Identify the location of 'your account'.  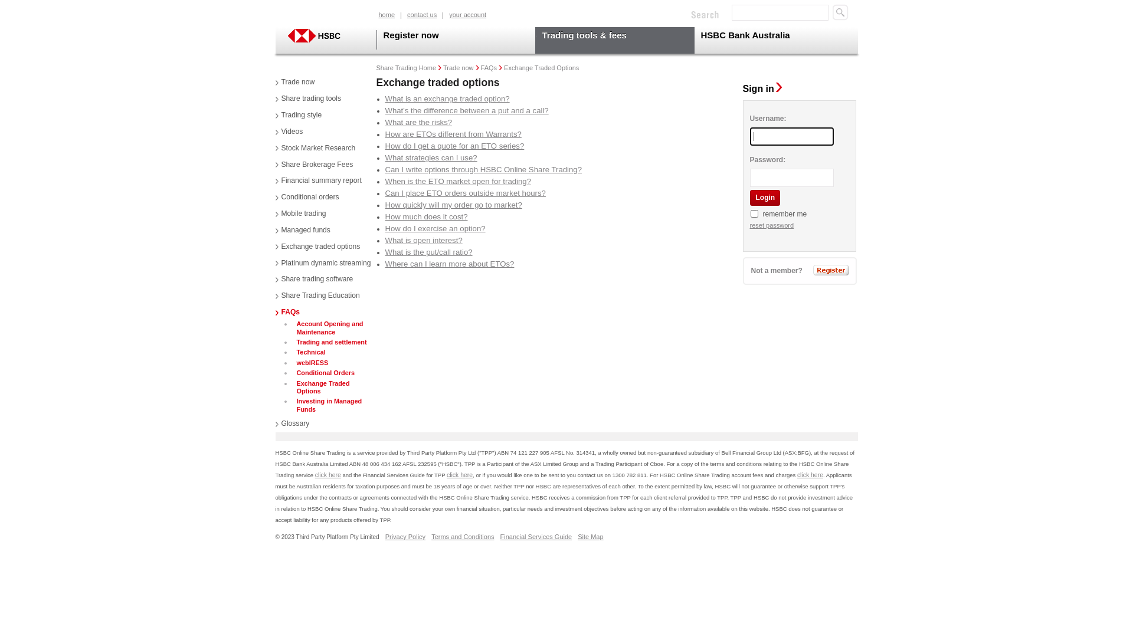
(467, 15).